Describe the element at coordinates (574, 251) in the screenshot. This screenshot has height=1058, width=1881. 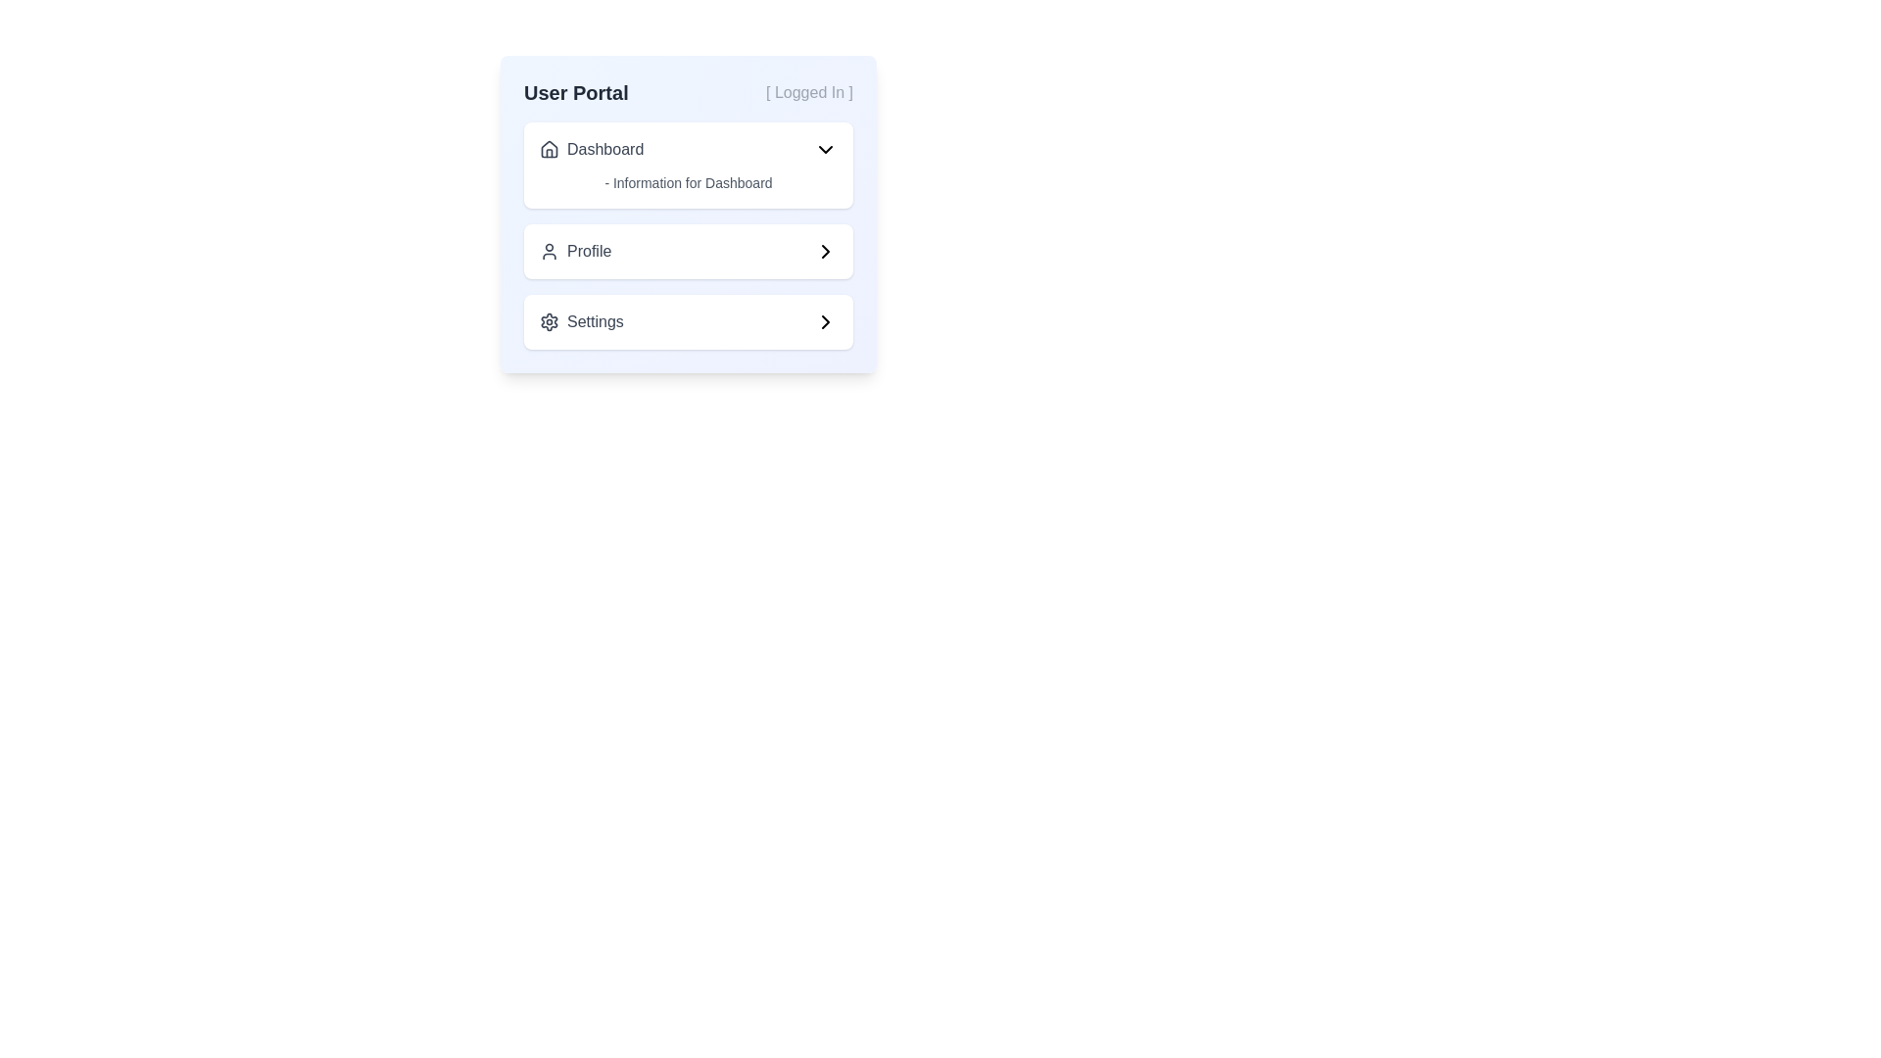
I see `the 'Profile' text label, which is styled in gray and located between the 'Dashboard' and 'Settings' entries in a vertical list` at that location.